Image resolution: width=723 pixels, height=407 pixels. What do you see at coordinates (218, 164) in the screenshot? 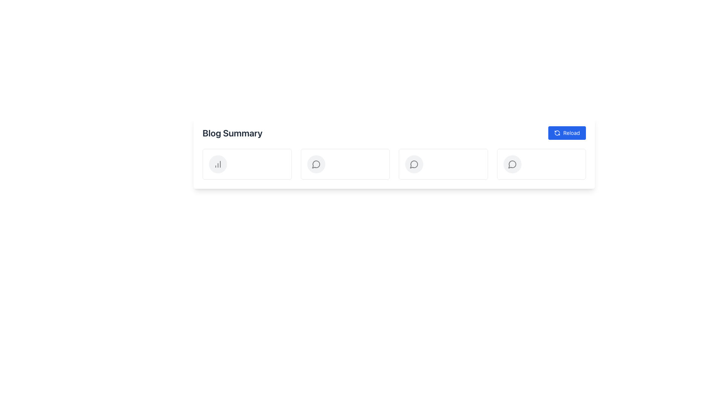
I see `the first circular button that invokes the bar chart feature, located to the left of three similar buttons in the 'Blog Summary' section` at bounding box center [218, 164].